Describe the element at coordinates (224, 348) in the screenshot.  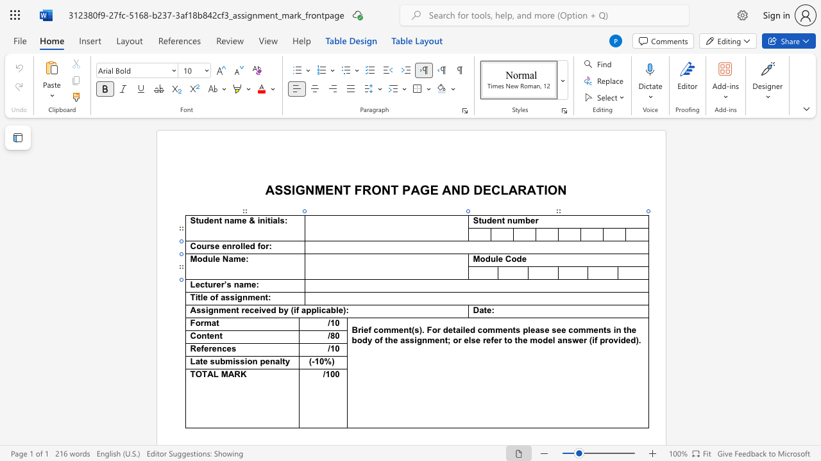
I see `the 1th character "c" in the text` at that location.